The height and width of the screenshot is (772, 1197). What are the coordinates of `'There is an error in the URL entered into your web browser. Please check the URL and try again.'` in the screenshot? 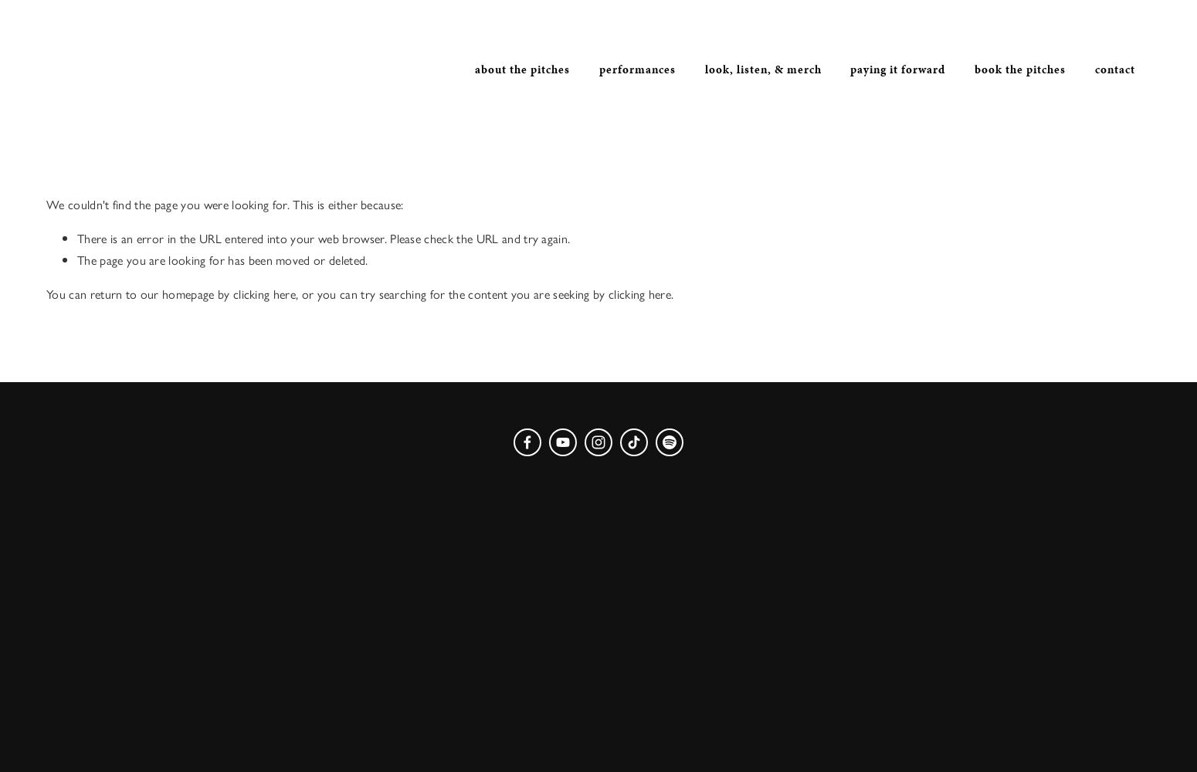 It's located at (323, 238).